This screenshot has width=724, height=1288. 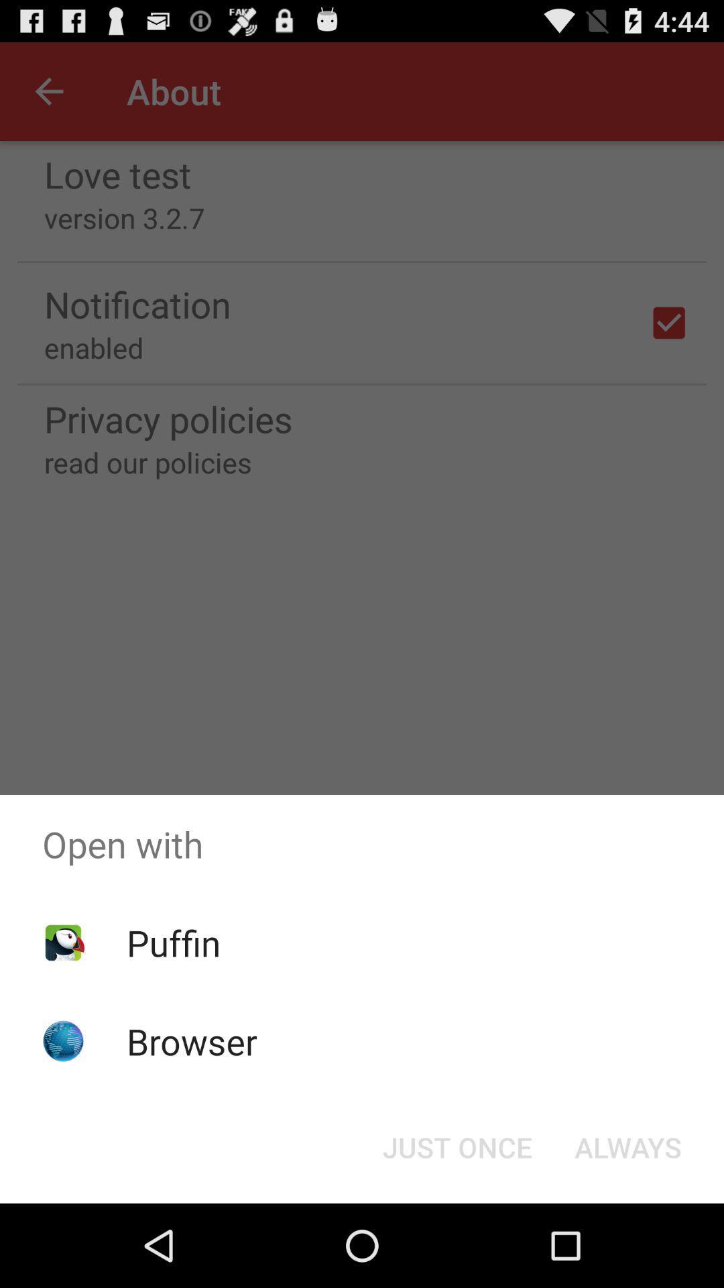 What do you see at coordinates (457, 1146) in the screenshot?
I see `the item next to always button` at bounding box center [457, 1146].